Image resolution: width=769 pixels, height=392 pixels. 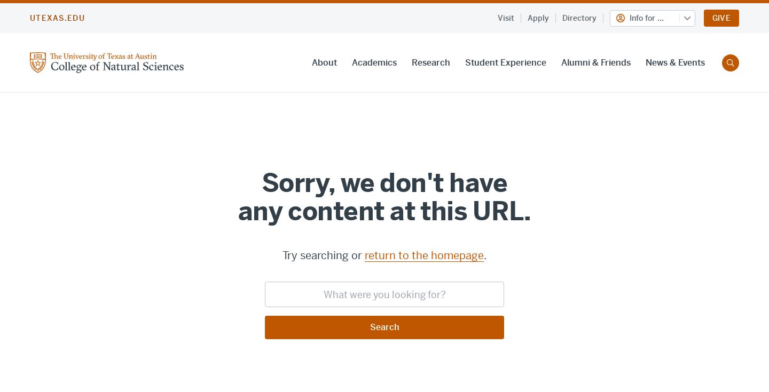 I want to click on 'Student Experience', so click(x=505, y=62).